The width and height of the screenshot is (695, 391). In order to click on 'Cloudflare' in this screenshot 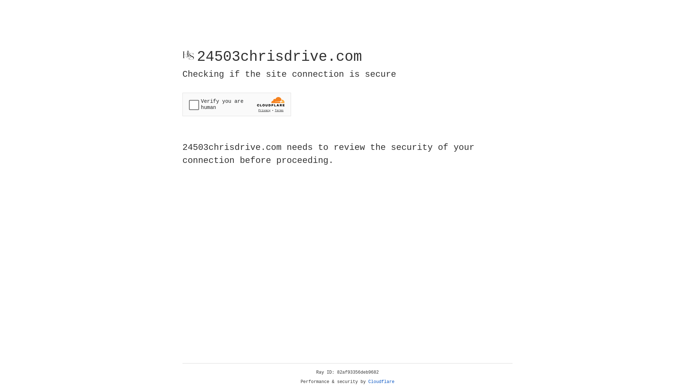, I will do `click(381, 382)`.